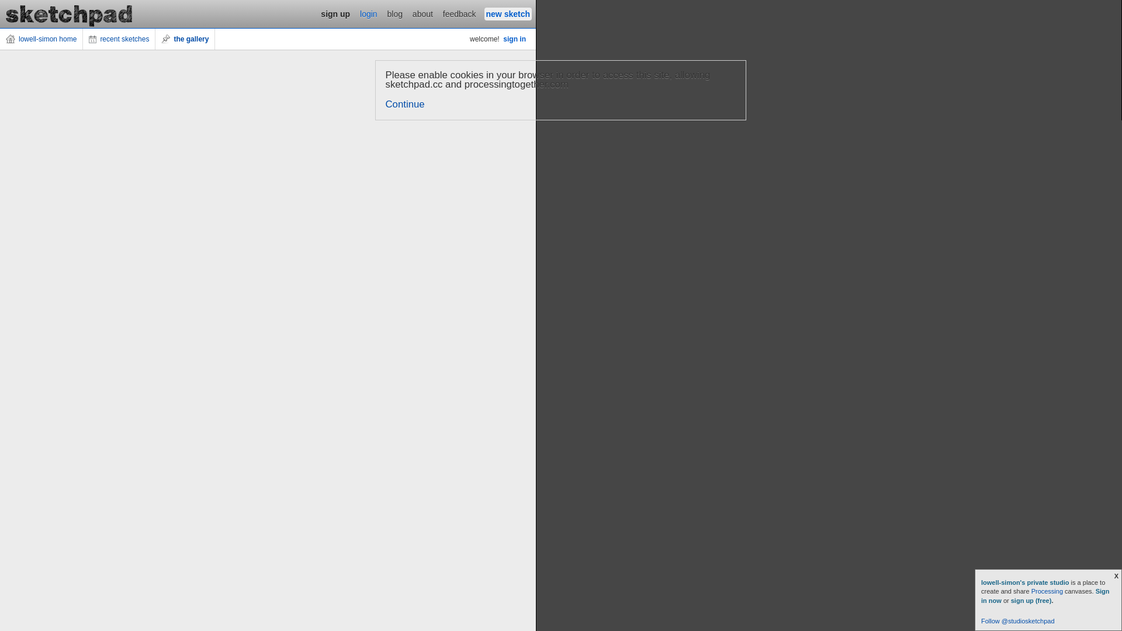 The height and width of the screenshot is (631, 1122). I want to click on 'feedback', so click(459, 13).